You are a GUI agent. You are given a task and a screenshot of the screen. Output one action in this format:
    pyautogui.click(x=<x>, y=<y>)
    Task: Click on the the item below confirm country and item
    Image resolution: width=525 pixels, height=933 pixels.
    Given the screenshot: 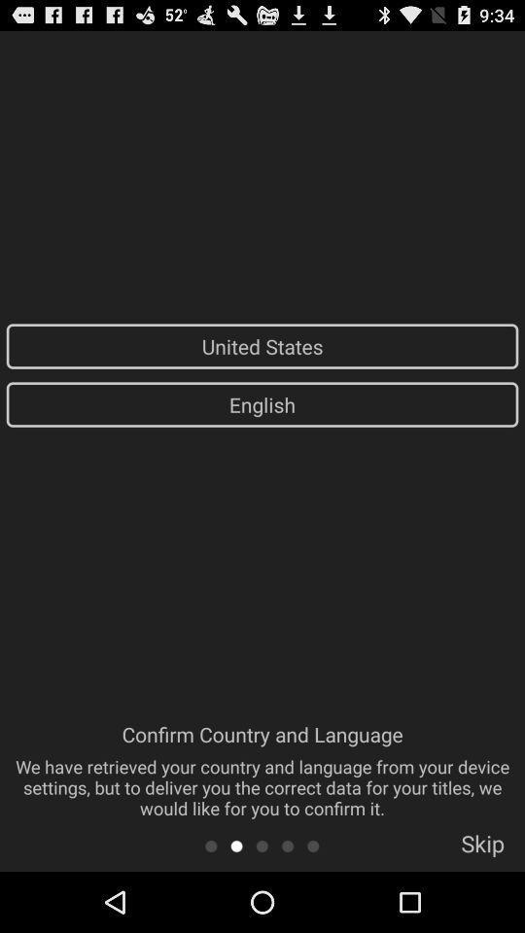 What is the action you would take?
    pyautogui.click(x=481, y=848)
    